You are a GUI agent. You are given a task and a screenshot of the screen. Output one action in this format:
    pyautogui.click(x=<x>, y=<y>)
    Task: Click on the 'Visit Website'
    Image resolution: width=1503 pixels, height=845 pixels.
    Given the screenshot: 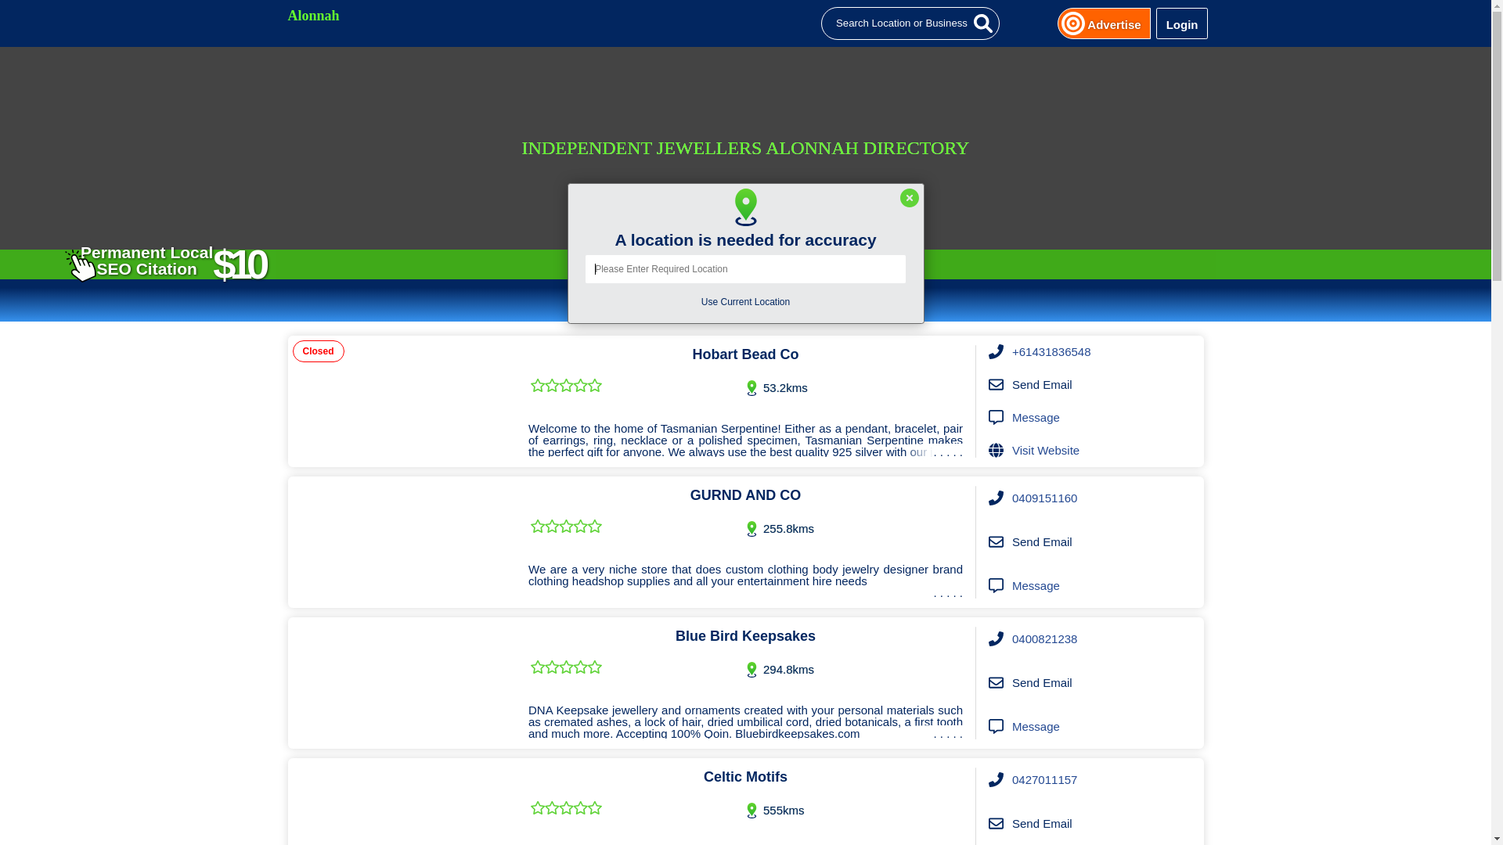 What is the action you would take?
    pyautogui.click(x=1045, y=450)
    